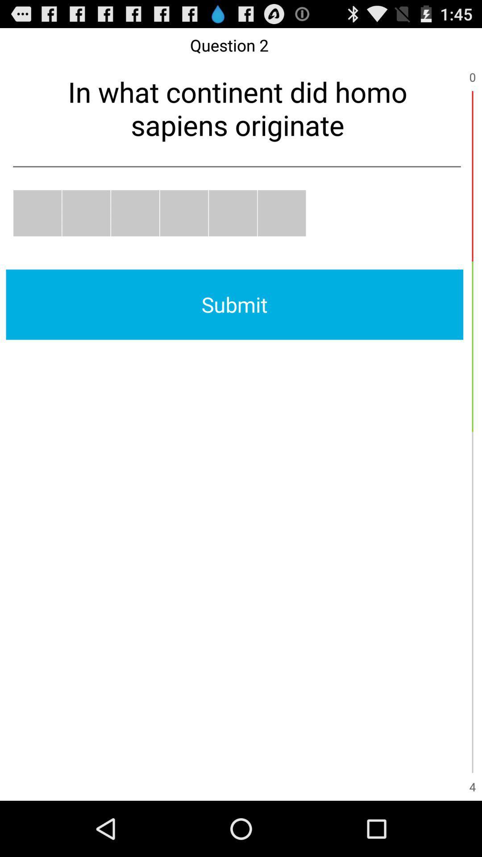  Describe the element at coordinates (183, 212) in the screenshot. I see `uncover hint clue` at that location.